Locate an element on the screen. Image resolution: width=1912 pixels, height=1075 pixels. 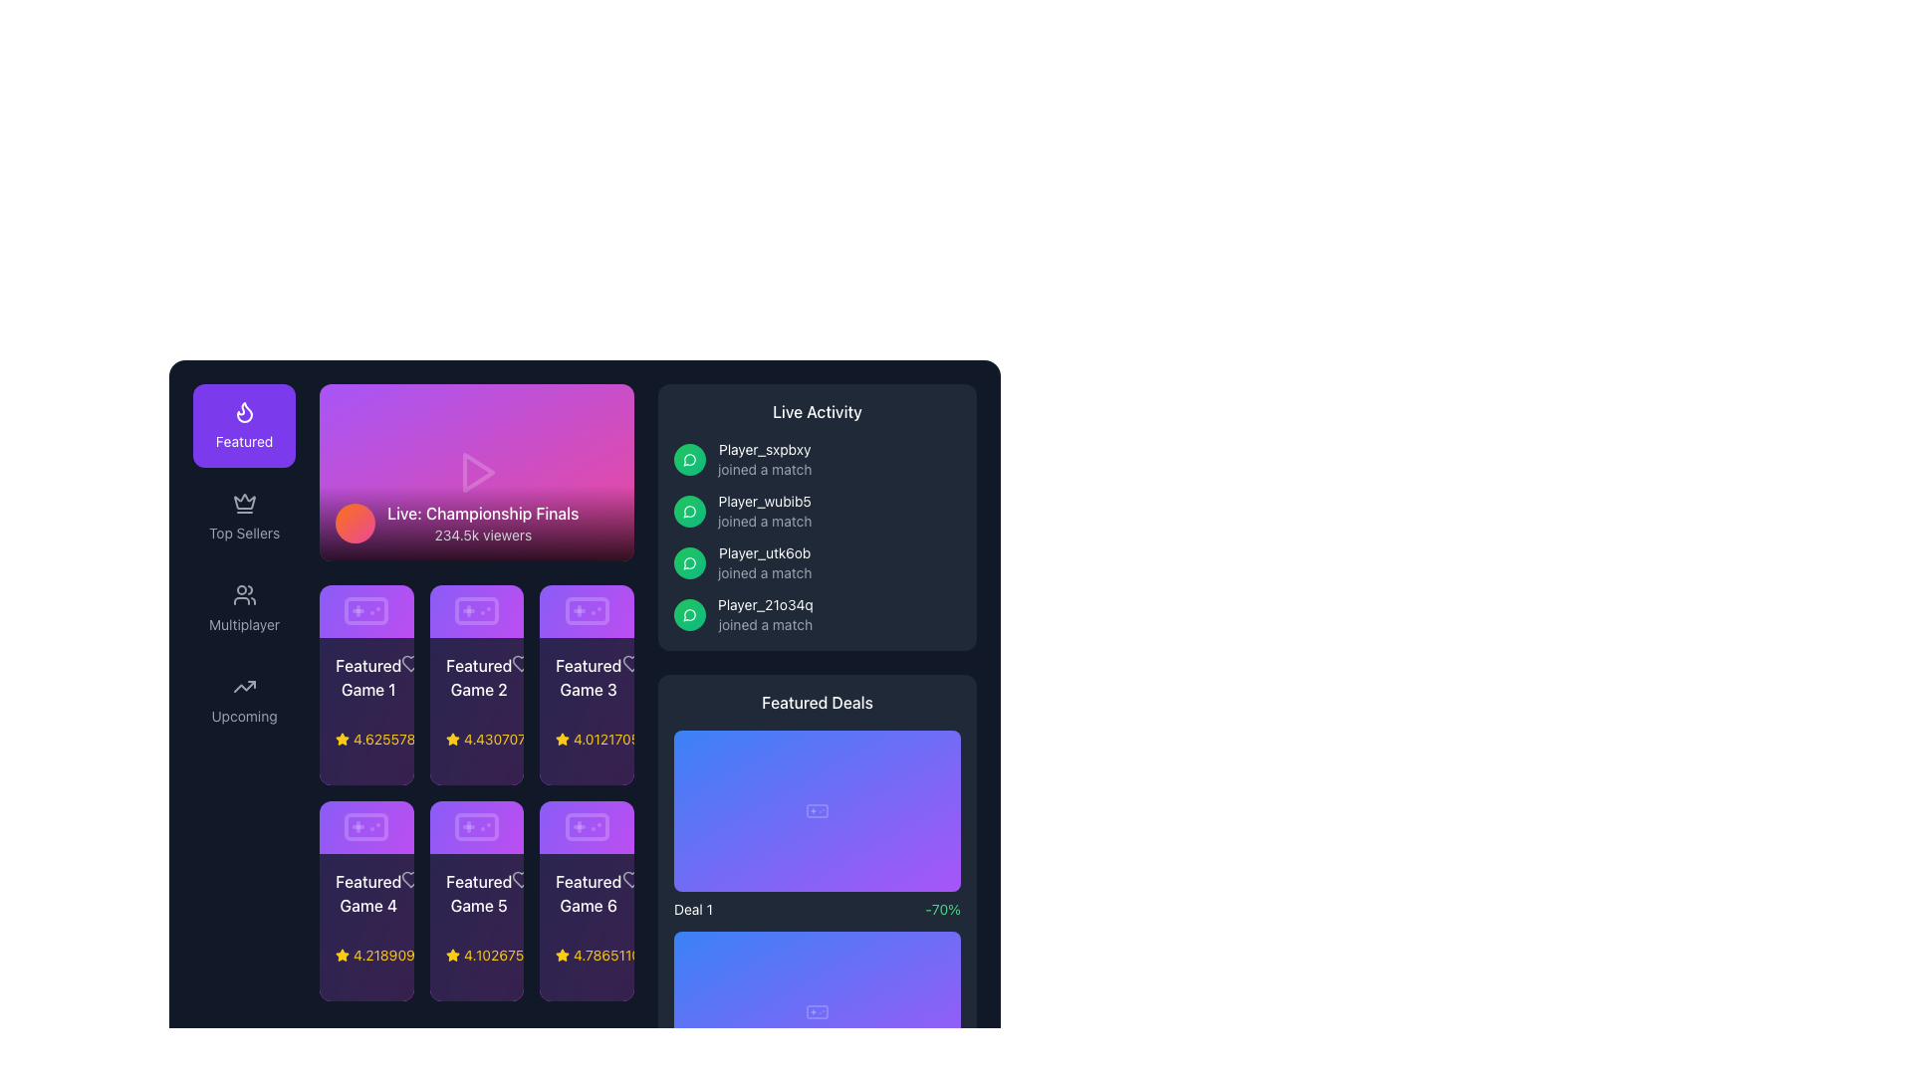
the game feature card located is located at coordinates (586, 928).